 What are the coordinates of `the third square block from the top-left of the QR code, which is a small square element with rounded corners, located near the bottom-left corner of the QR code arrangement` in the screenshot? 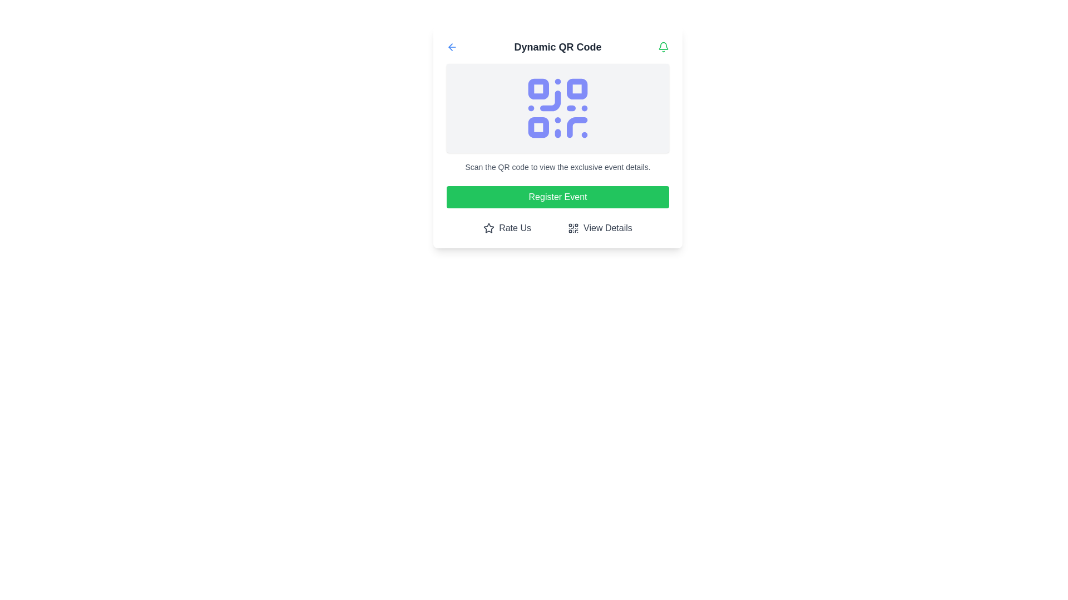 It's located at (538, 127).